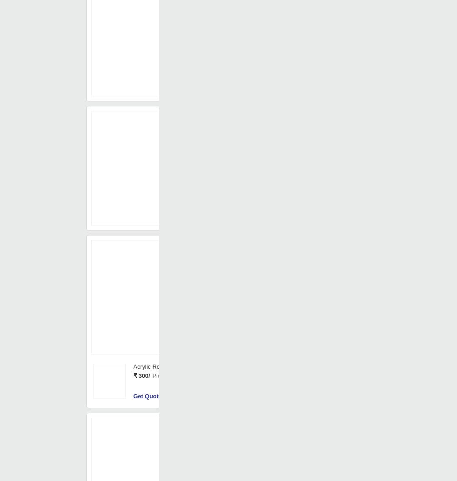 This screenshot has width=457, height=481. Describe the element at coordinates (174, 60) in the screenshot. I see `'Multicolor Pull/push Sign, 5 Mm'` at that location.